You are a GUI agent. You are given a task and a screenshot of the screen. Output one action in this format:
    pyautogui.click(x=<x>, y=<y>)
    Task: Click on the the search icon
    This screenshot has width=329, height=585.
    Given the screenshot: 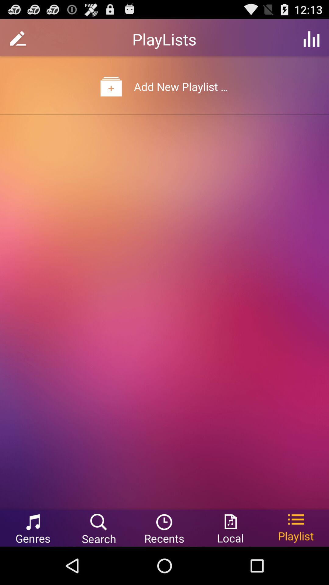 What is the action you would take?
    pyautogui.click(x=98, y=565)
    